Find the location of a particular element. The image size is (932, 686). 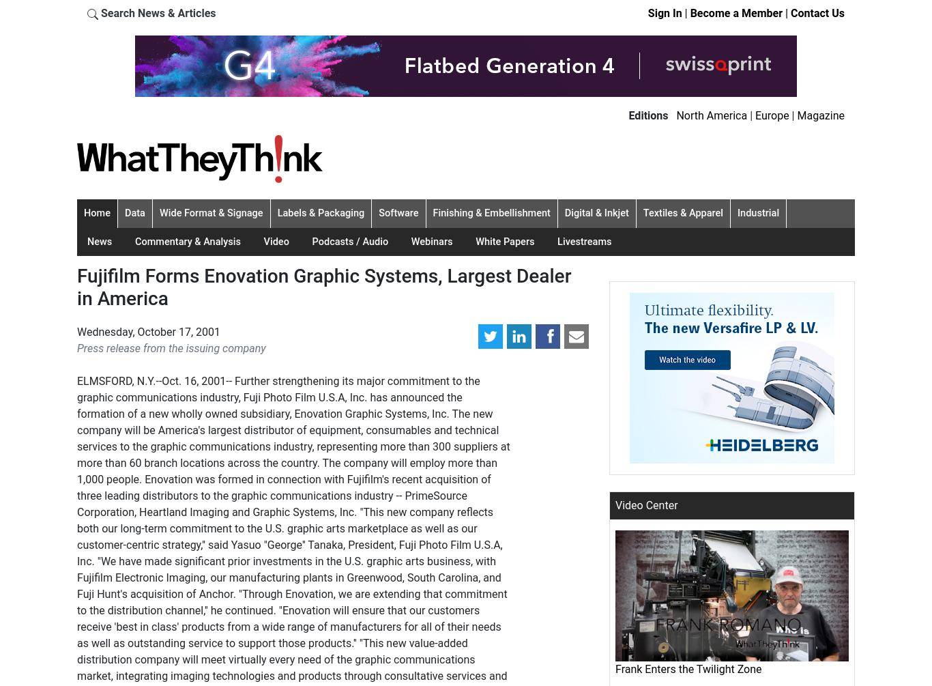

'Industrial' is located at coordinates (737, 212).